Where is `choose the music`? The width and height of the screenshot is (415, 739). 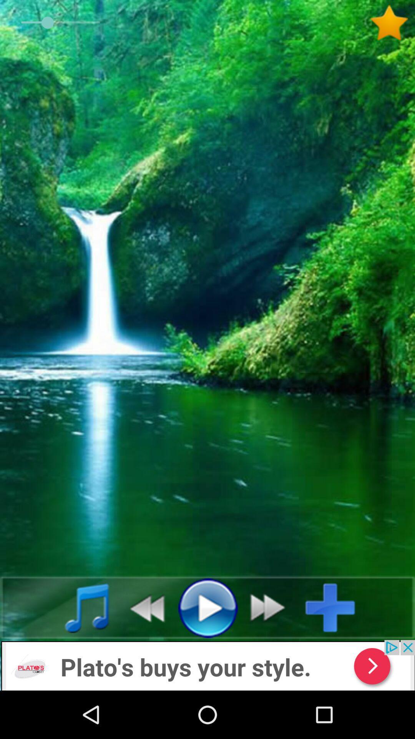 choose the music is located at coordinates (78, 607).